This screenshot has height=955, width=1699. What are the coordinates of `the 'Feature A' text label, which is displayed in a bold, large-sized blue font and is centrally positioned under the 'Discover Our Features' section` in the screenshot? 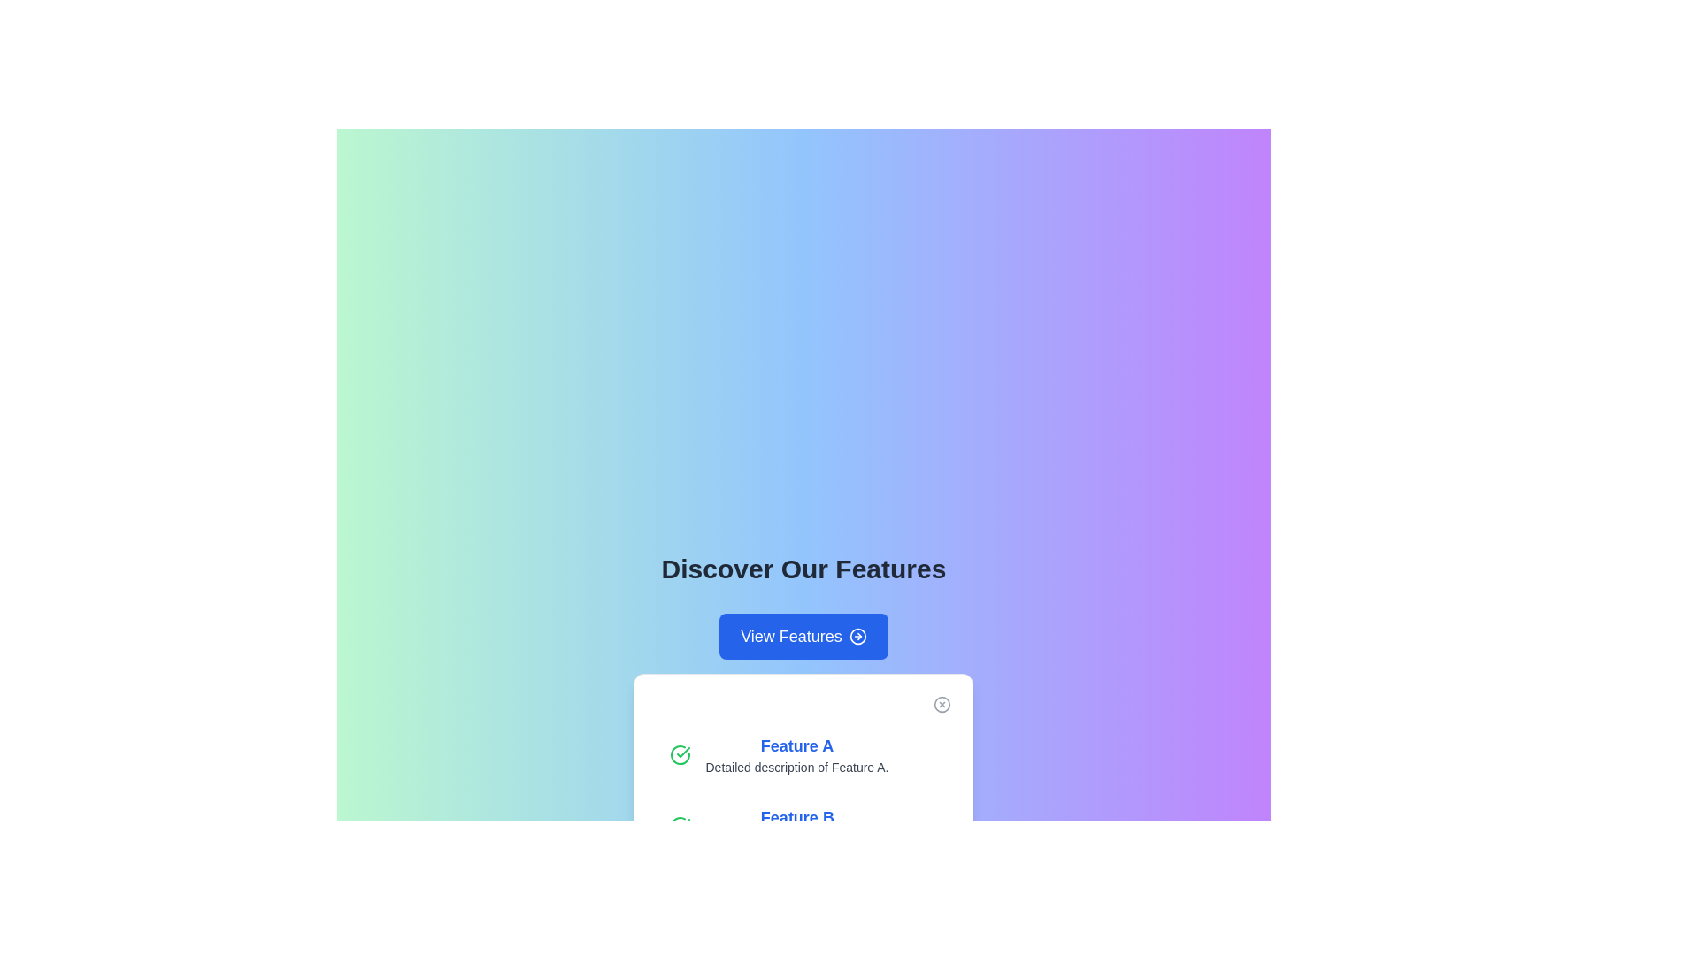 It's located at (796, 746).